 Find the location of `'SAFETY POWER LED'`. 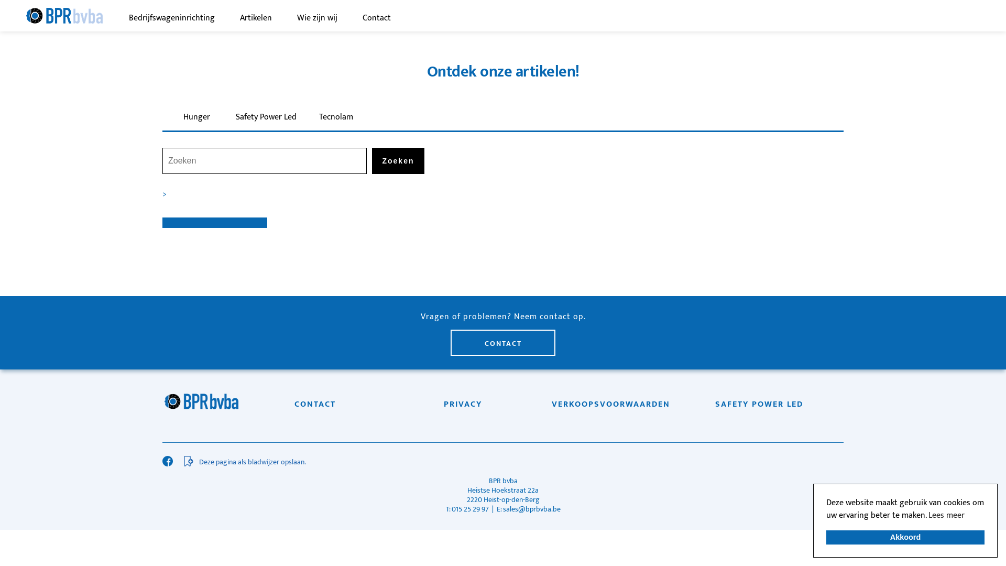

'SAFETY POWER LED' is located at coordinates (759, 404).